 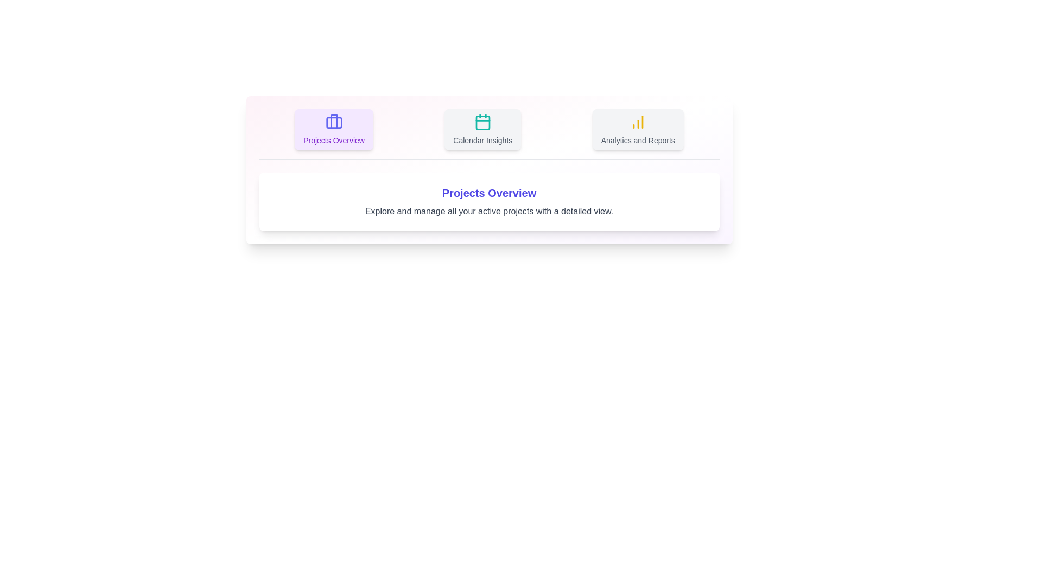 I want to click on the tab labeled 'Projects Overview' to observe the visual feedback, so click(x=333, y=129).